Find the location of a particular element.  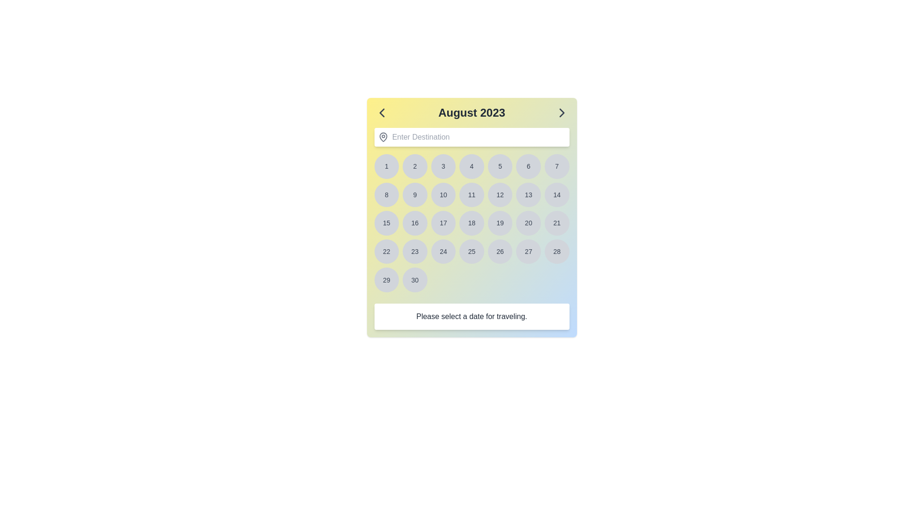

the interactive button representing the 4th day of August 2023 in the calendar interface is located at coordinates (472, 166).